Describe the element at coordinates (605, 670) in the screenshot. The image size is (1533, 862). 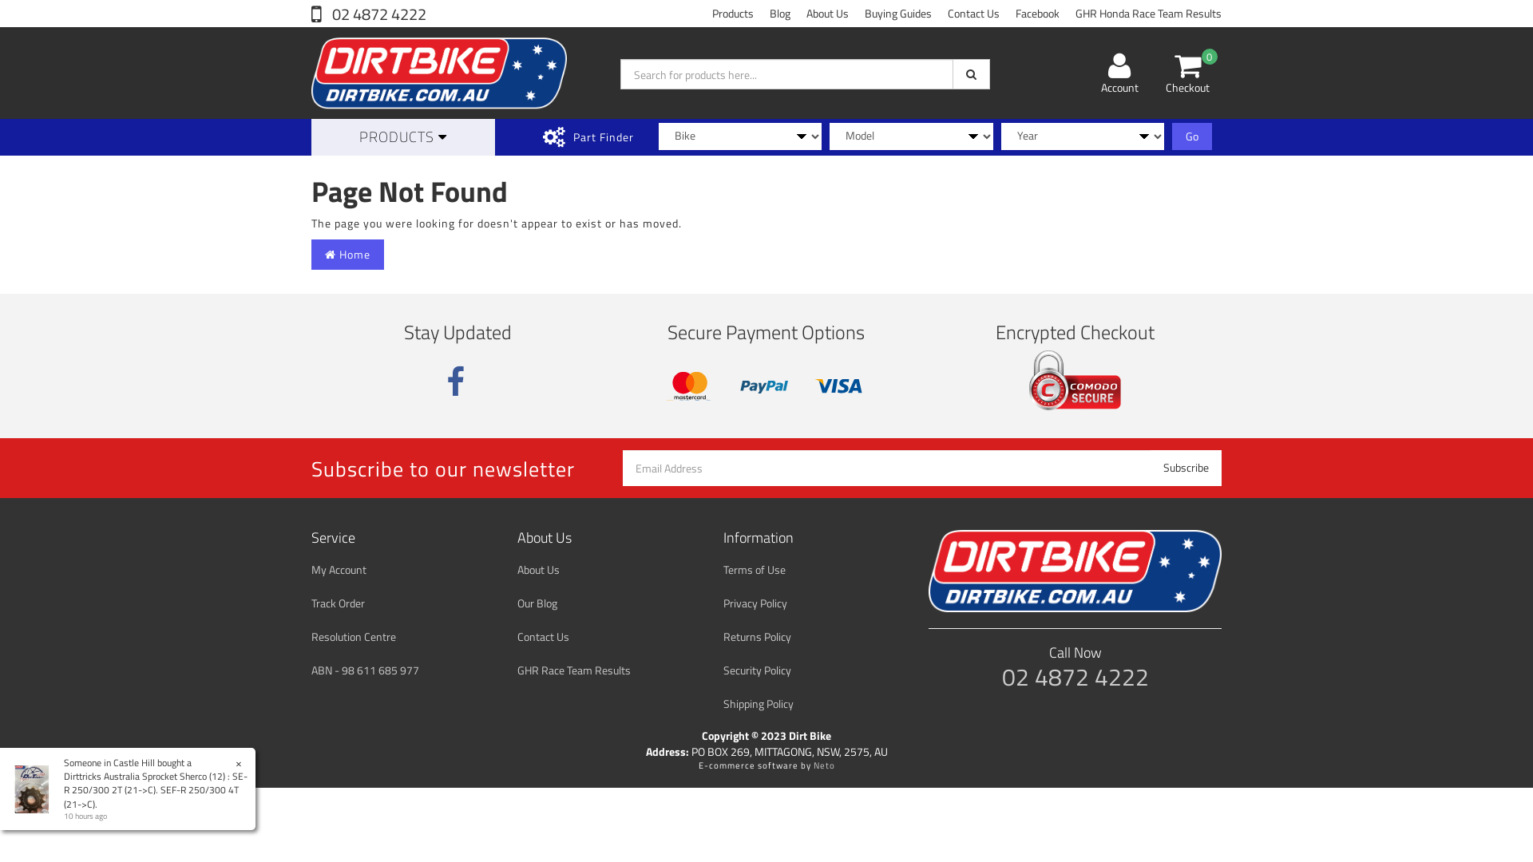
I see `'GHR Race Team Results'` at that location.